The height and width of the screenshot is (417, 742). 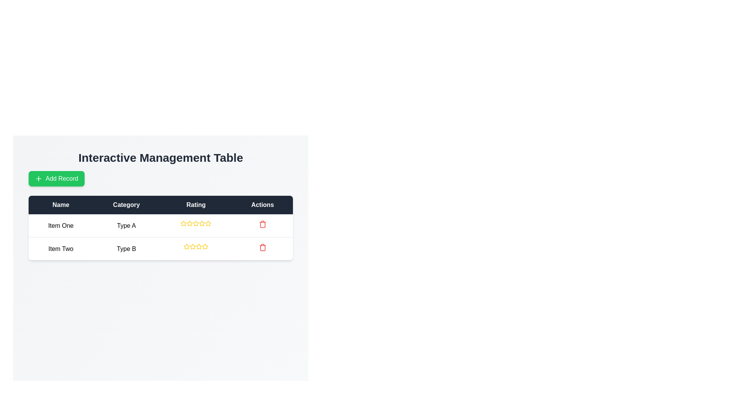 What do you see at coordinates (205, 247) in the screenshot?
I see `the fifth star icon in the rating section associated with 'Item Two' and 'Type B'` at bounding box center [205, 247].